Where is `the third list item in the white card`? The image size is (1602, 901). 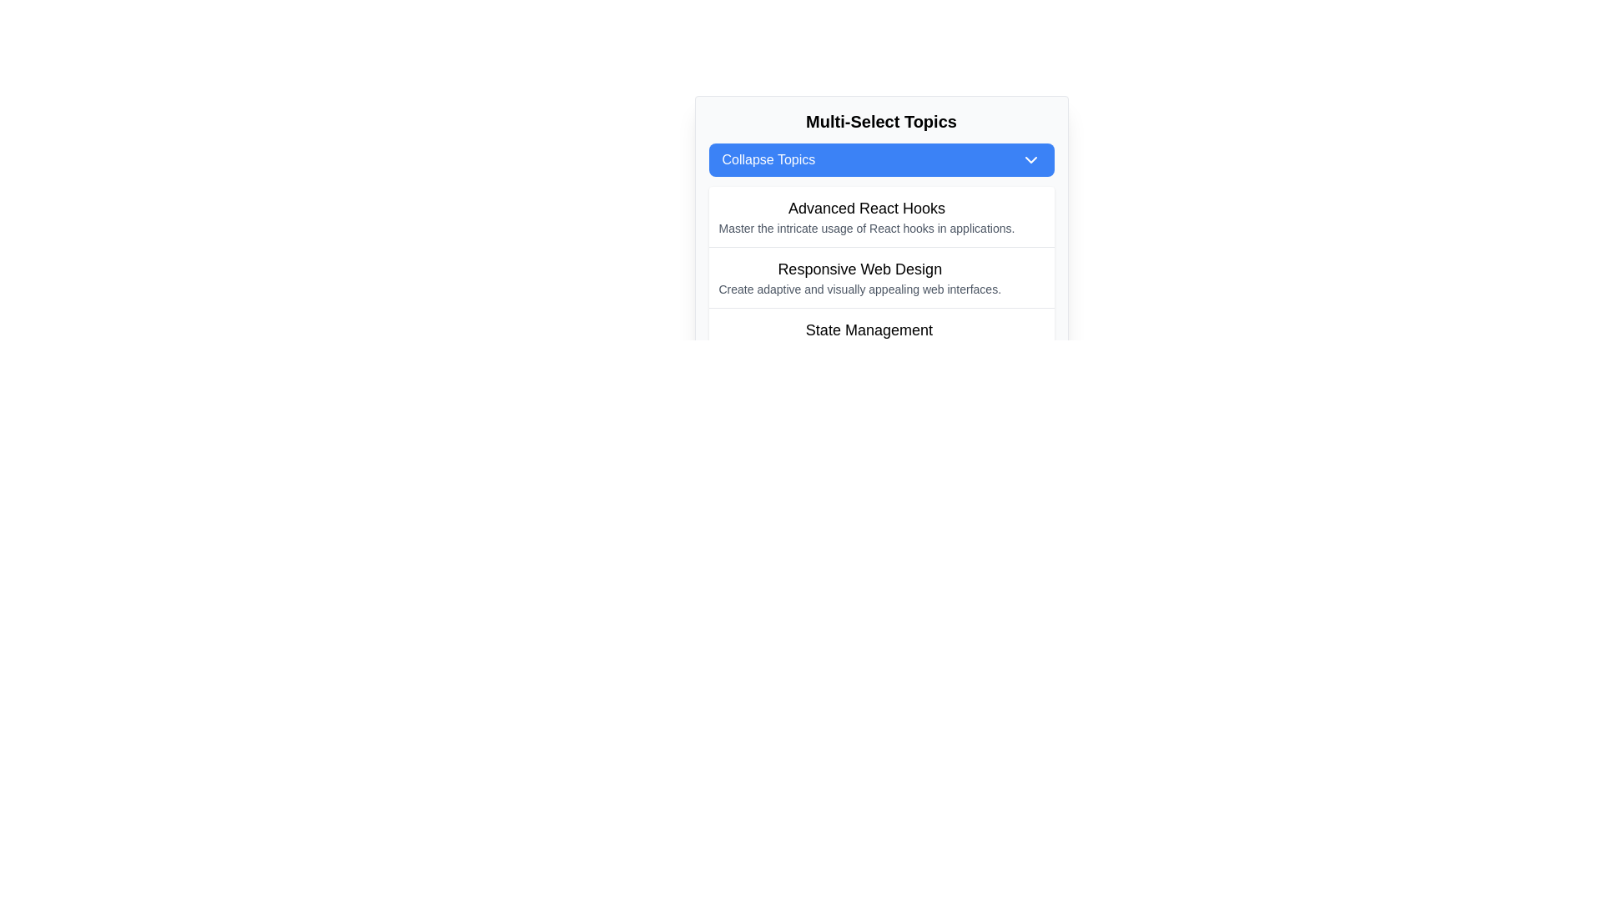 the third list item in the white card is located at coordinates (880, 338).